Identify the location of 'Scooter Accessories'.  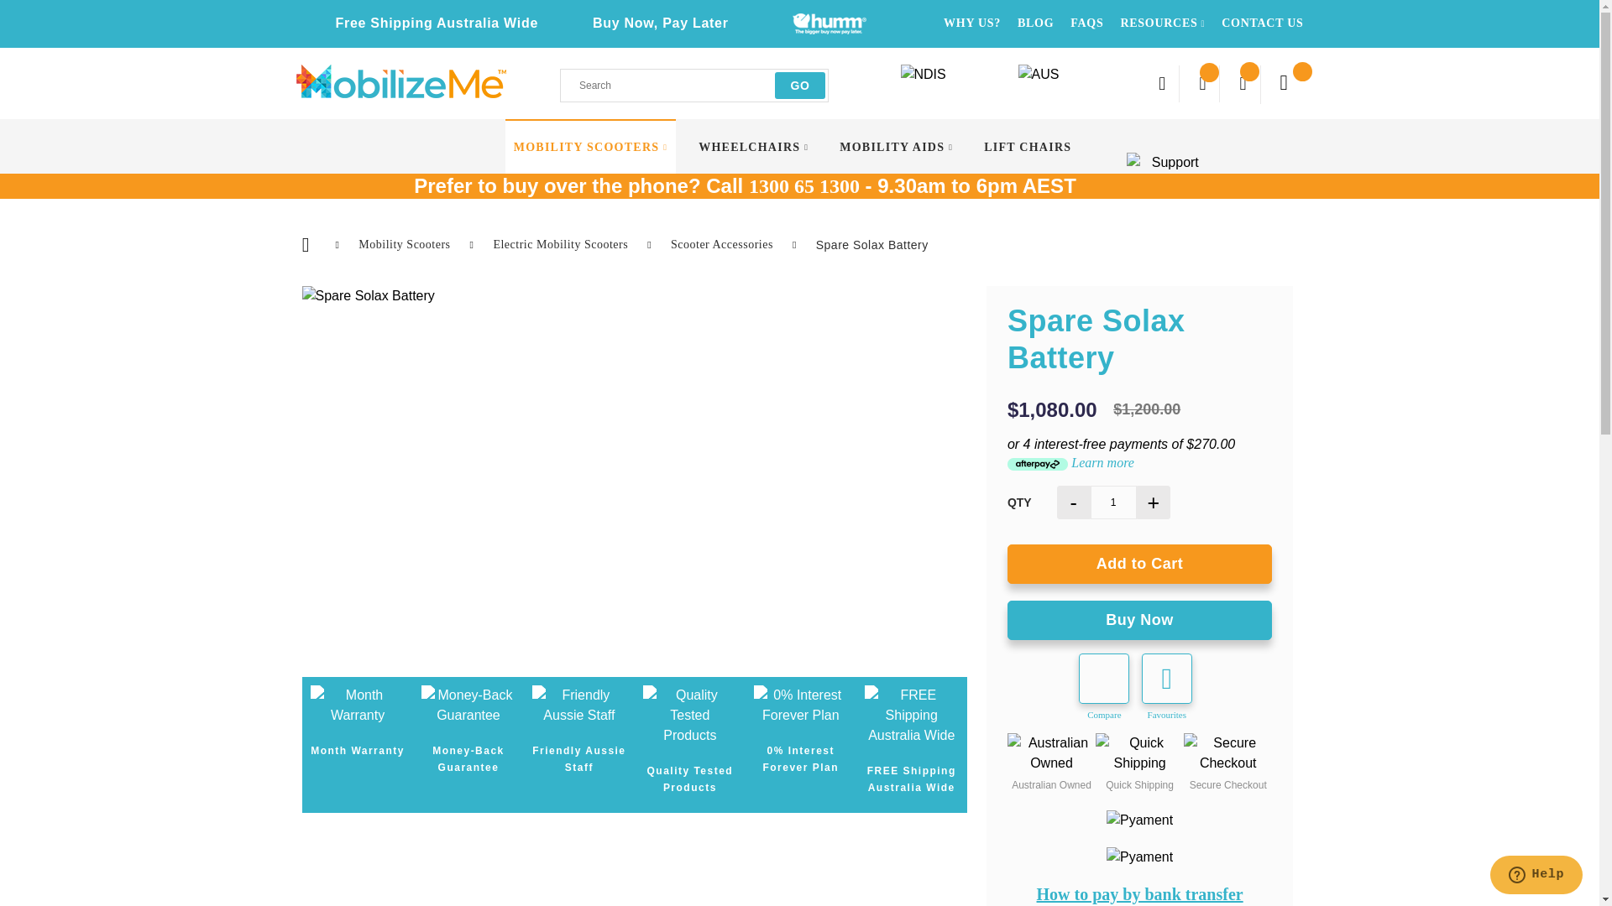
(669, 244).